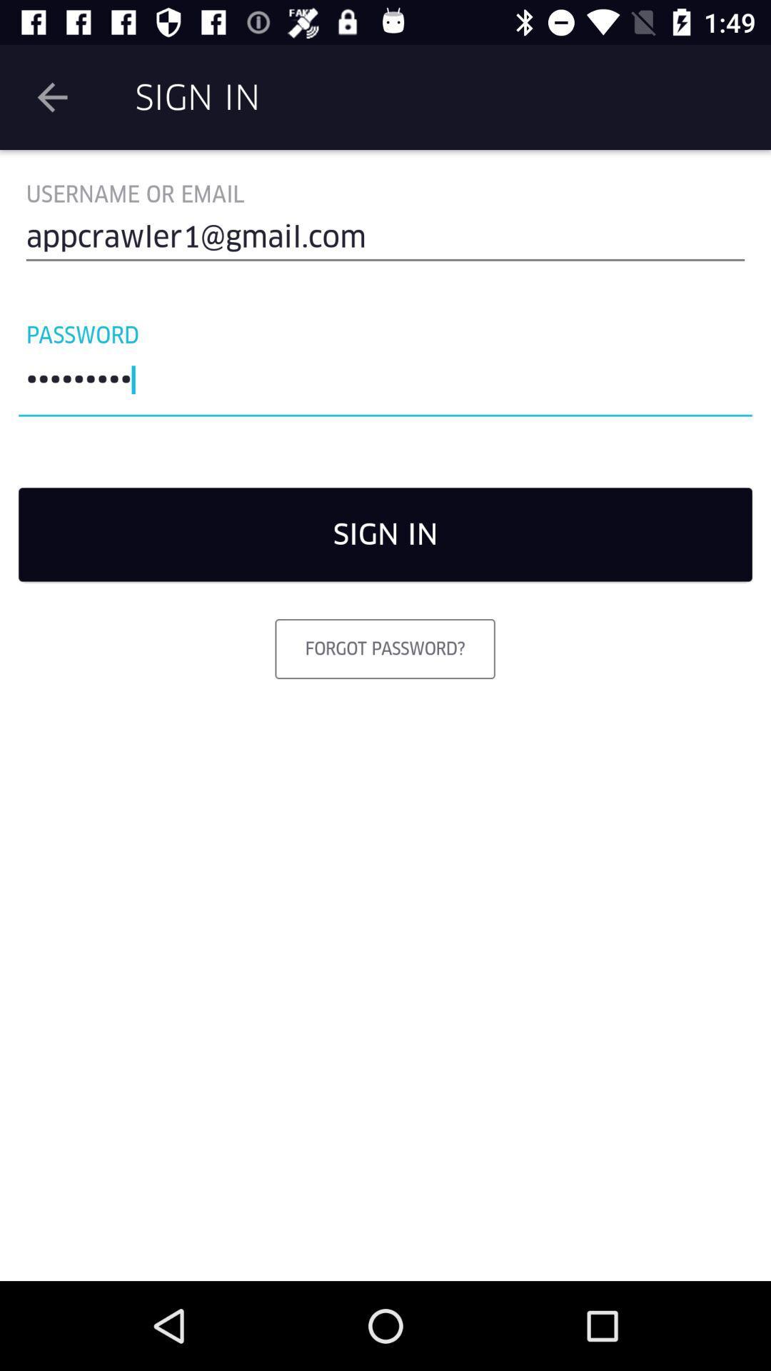 The image size is (771, 1371). What do you see at coordinates (51, 96) in the screenshot?
I see `the item to the left of the sign in icon` at bounding box center [51, 96].